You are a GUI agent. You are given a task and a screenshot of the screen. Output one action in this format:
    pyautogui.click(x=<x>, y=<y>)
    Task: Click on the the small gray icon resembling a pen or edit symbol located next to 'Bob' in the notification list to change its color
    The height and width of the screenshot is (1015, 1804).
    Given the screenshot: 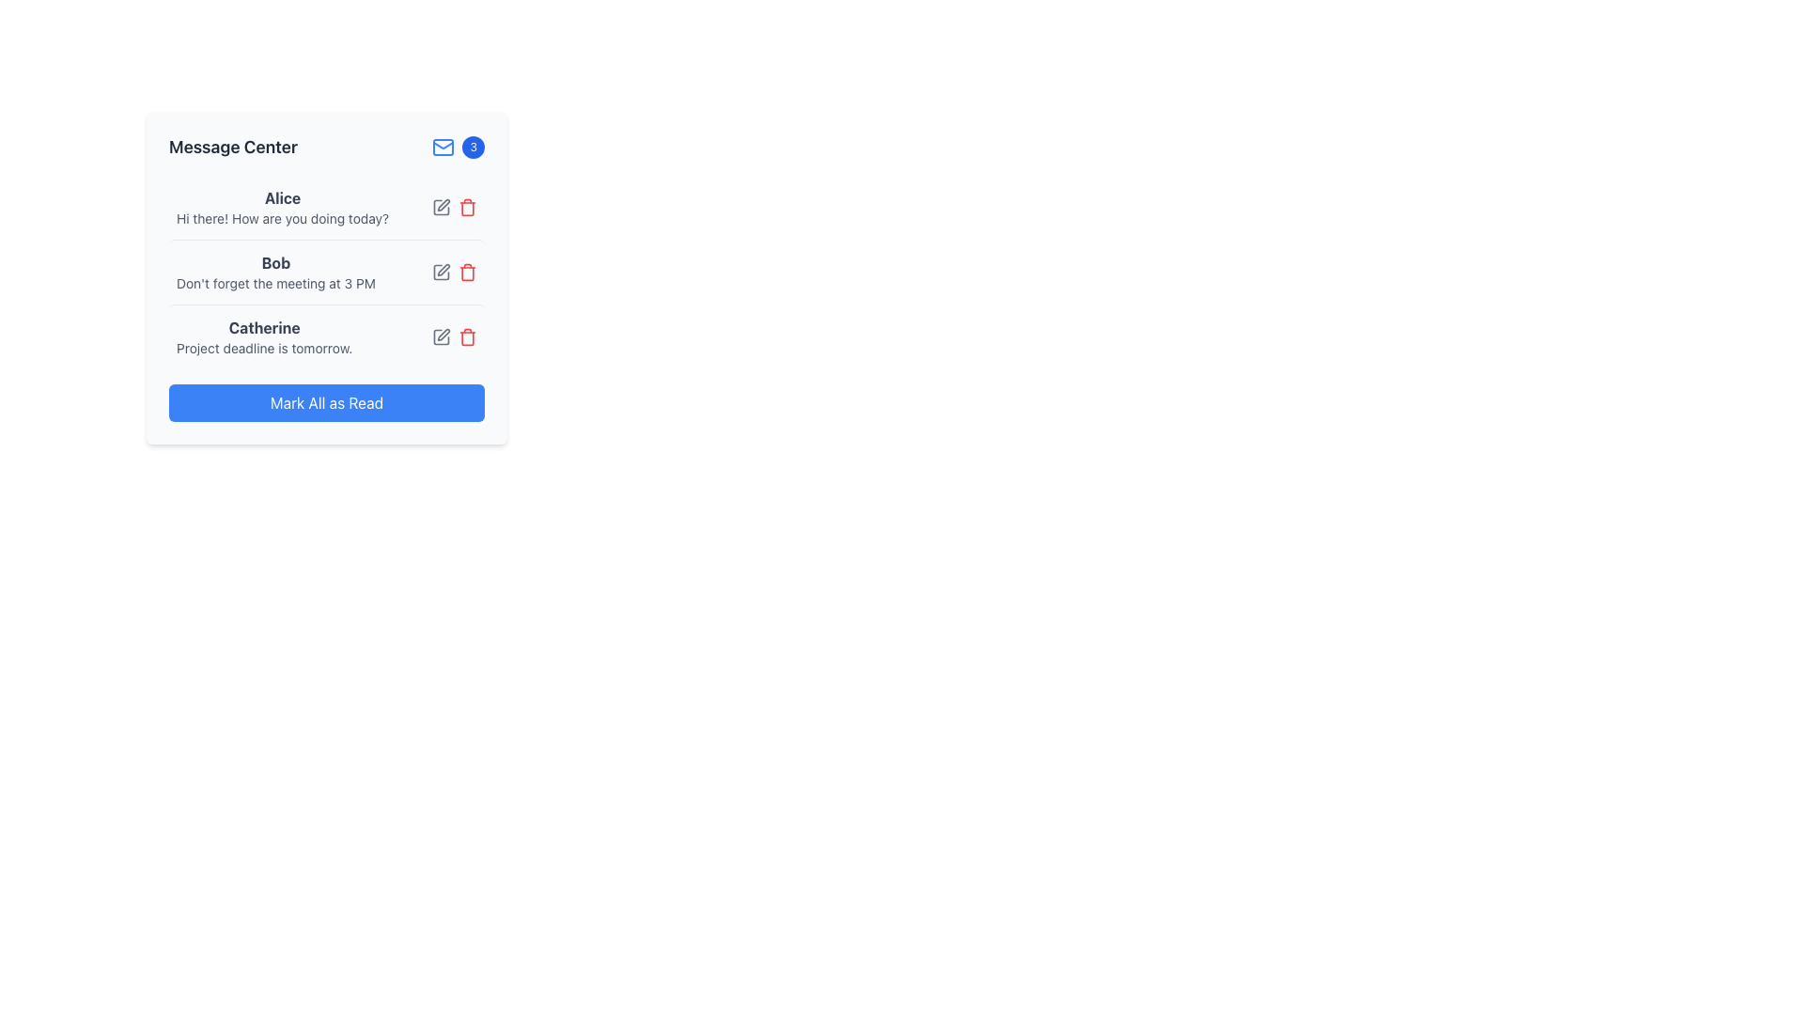 What is the action you would take?
    pyautogui.click(x=443, y=270)
    